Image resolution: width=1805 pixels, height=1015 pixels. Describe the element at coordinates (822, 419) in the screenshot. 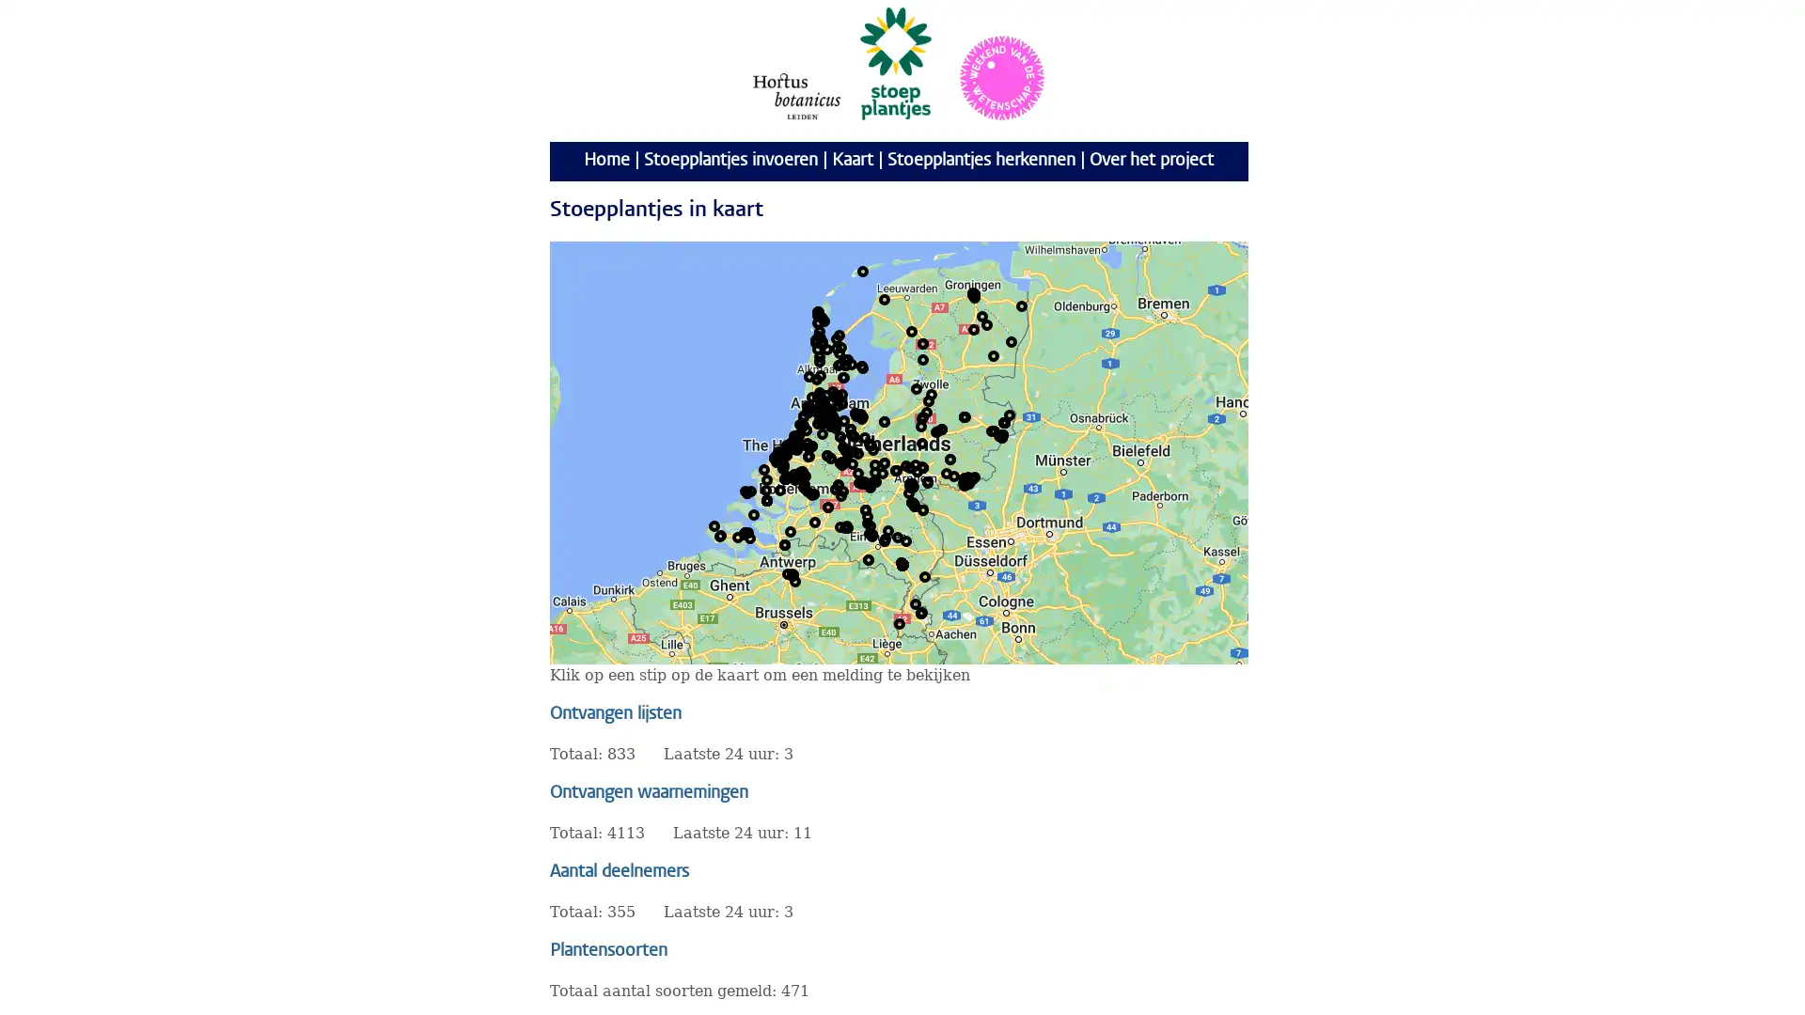

I see `Telling van op 09 oktober 2021` at that location.